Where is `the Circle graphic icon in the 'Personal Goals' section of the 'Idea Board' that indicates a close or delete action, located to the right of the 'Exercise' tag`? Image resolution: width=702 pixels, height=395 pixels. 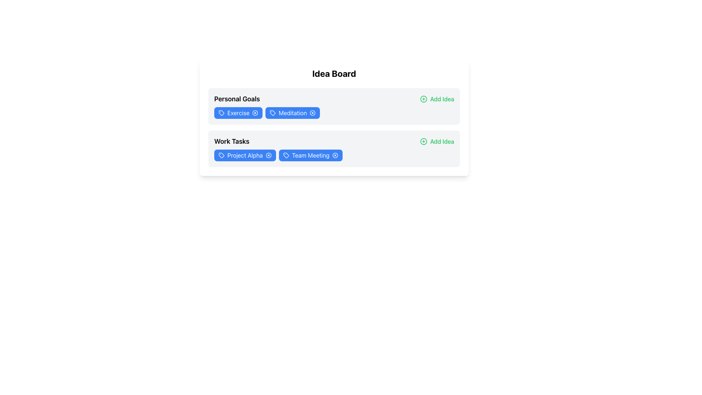
the Circle graphic icon in the 'Personal Goals' section of the 'Idea Board' that indicates a close or delete action, located to the right of the 'Exercise' tag is located at coordinates (255, 113).